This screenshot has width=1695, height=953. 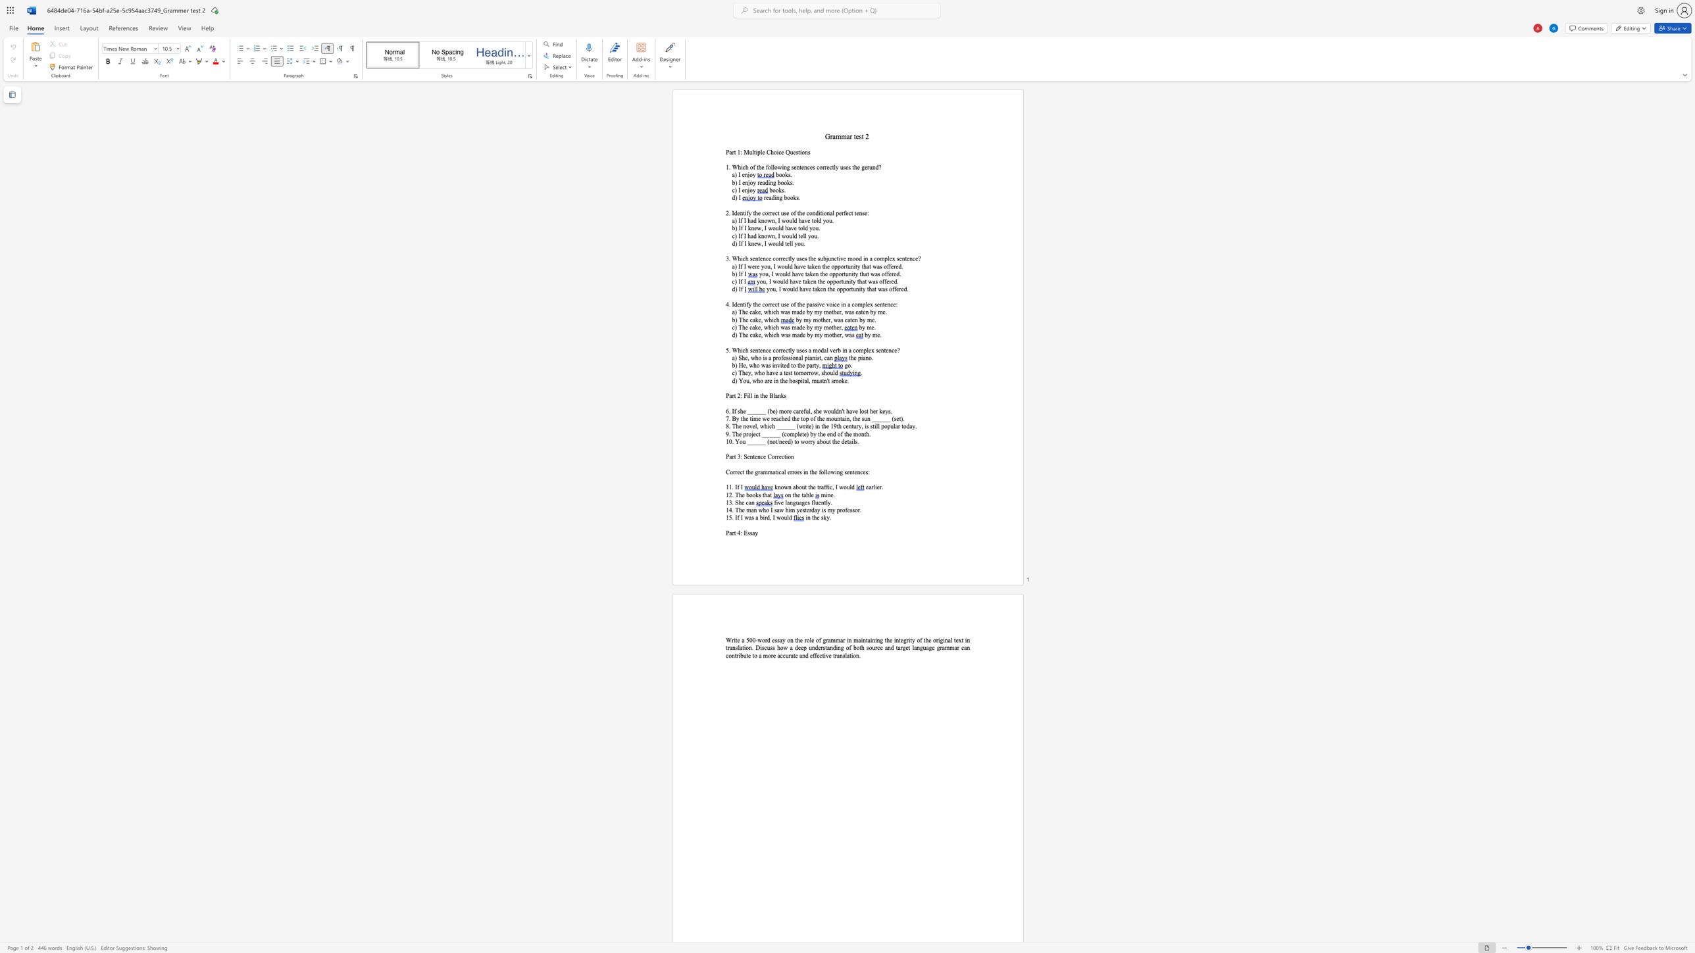 What do you see at coordinates (909, 426) in the screenshot?
I see `the space between the continuous character "d" and "a" in the text` at bounding box center [909, 426].